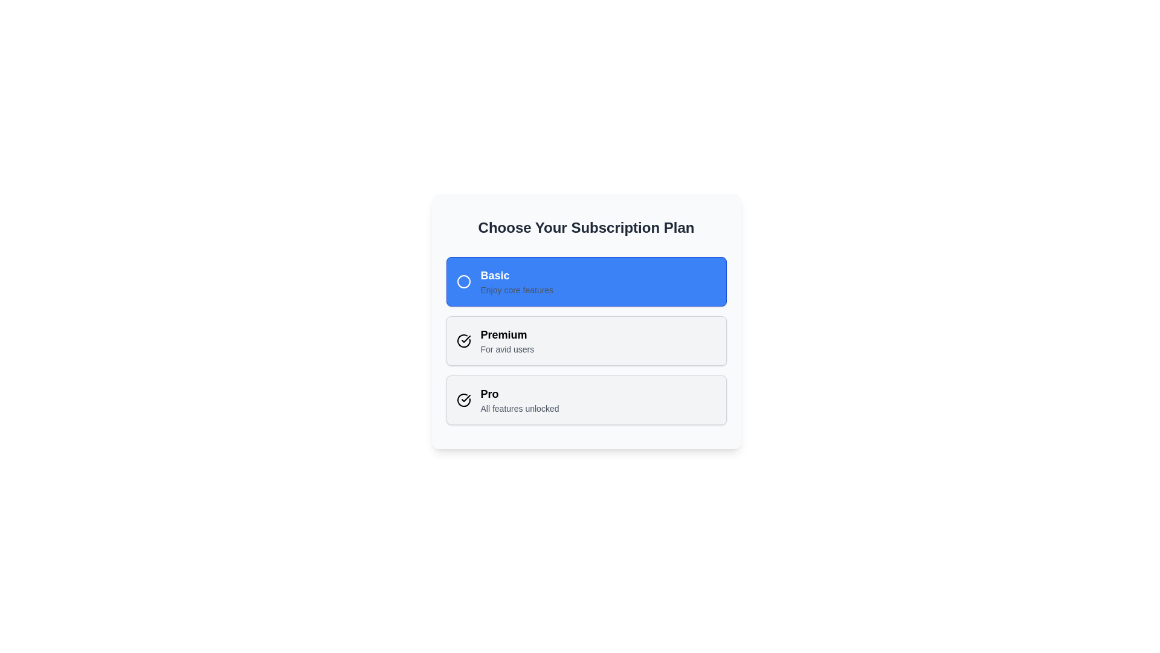 This screenshot has height=653, width=1160. I want to click on the checkmark icon that indicates the selection of the 'Pro' subscription option, located, so click(463, 400).